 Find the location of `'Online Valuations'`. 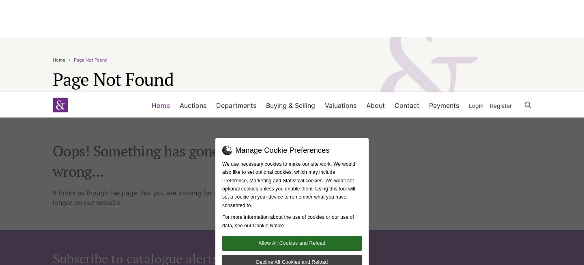

'Online Valuations' is located at coordinates (331, 19).